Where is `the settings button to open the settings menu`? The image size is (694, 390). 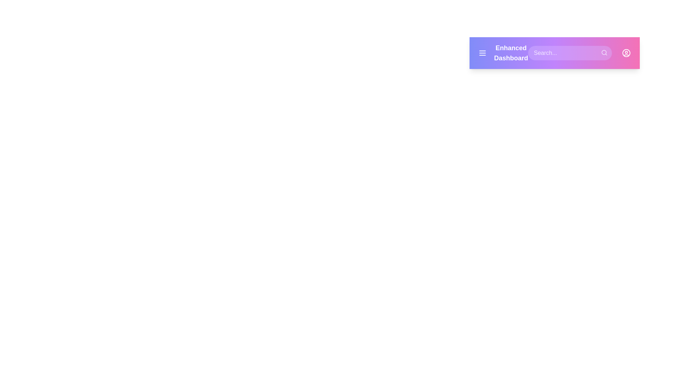
the settings button to open the settings menu is located at coordinates (648, 52).